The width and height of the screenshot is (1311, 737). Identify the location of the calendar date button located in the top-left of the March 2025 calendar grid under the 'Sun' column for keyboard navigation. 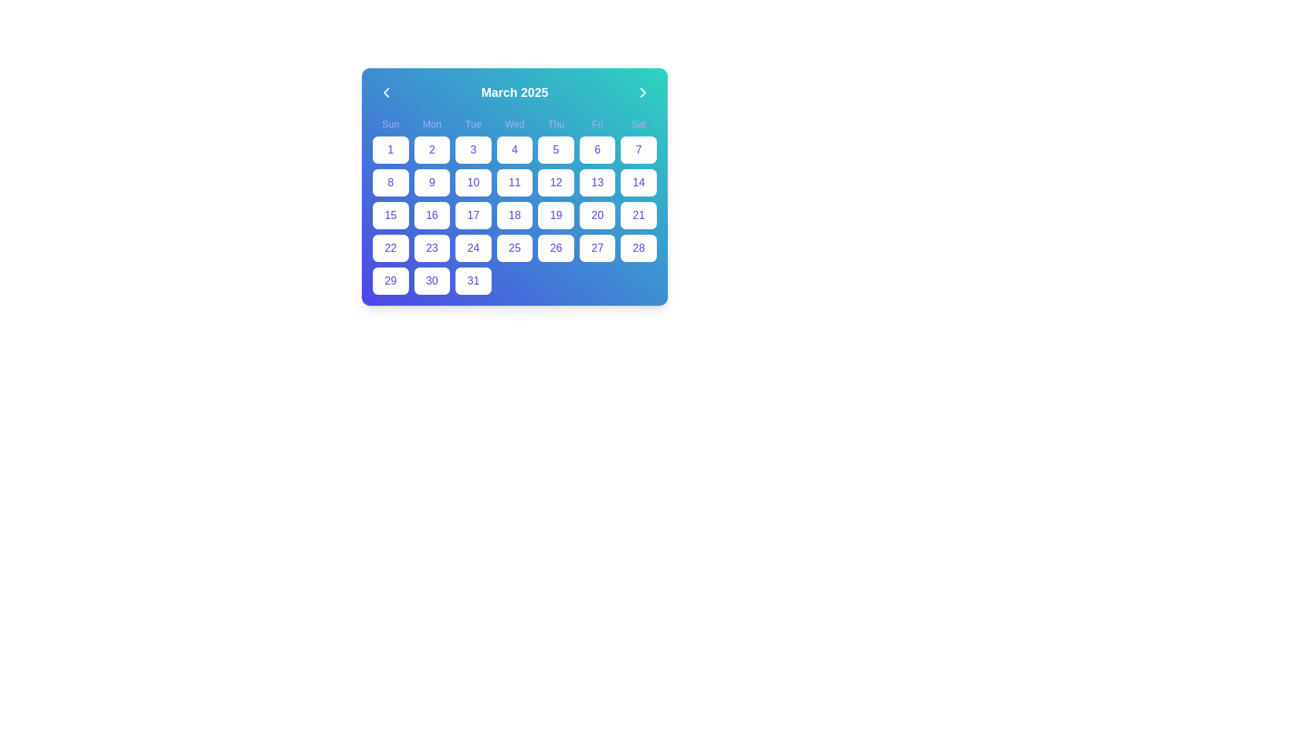
(390, 149).